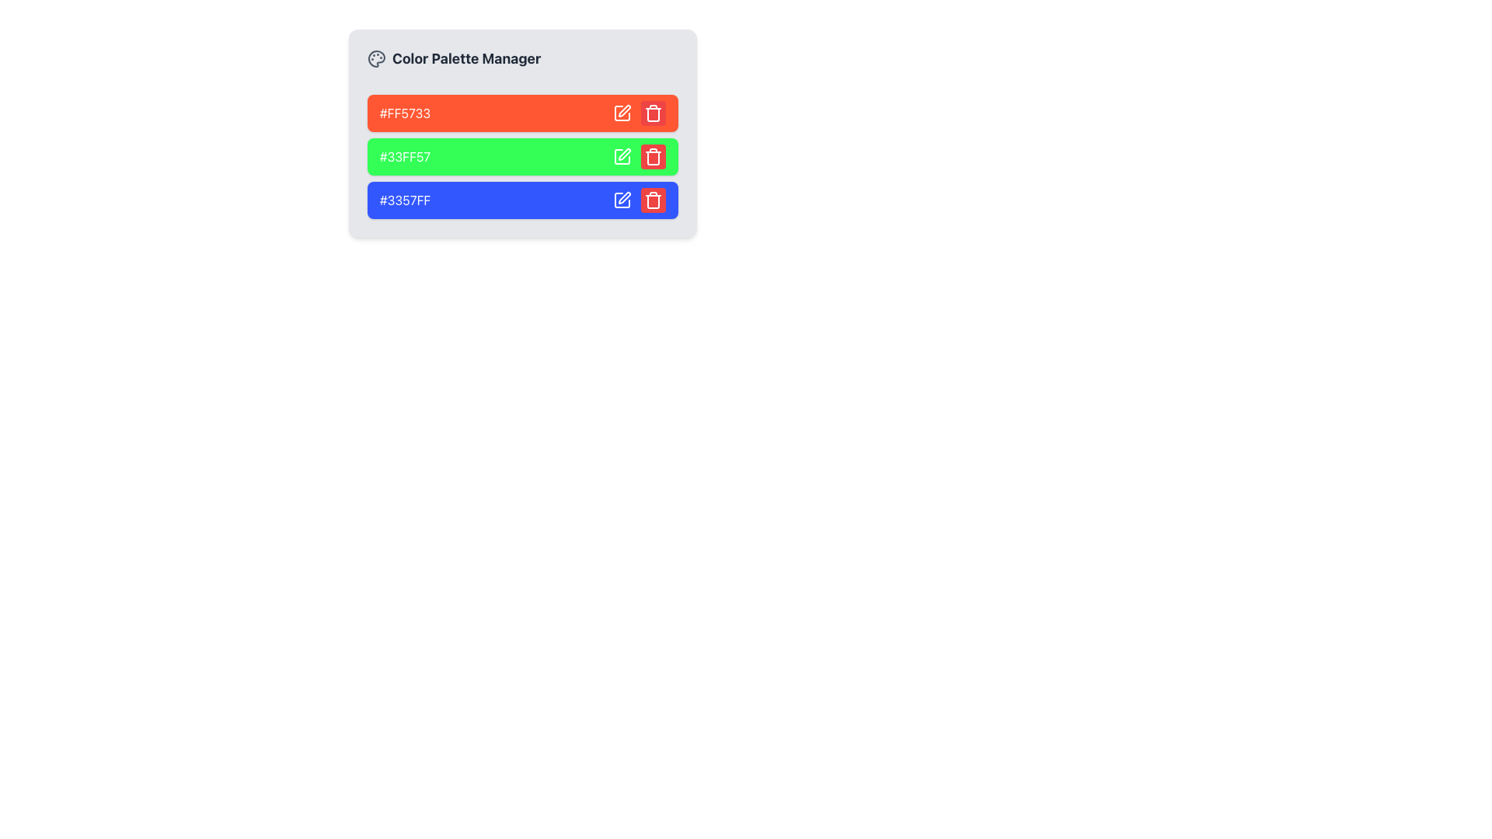 The width and height of the screenshot is (1492, 839). What do you see at coordinates (622, 200) in the screenshot?
I see `the edit icon resembling a pen located in the blue section of the interface, adjacent to the text labeled '#3357FF'` at bounding box center [622, 200].